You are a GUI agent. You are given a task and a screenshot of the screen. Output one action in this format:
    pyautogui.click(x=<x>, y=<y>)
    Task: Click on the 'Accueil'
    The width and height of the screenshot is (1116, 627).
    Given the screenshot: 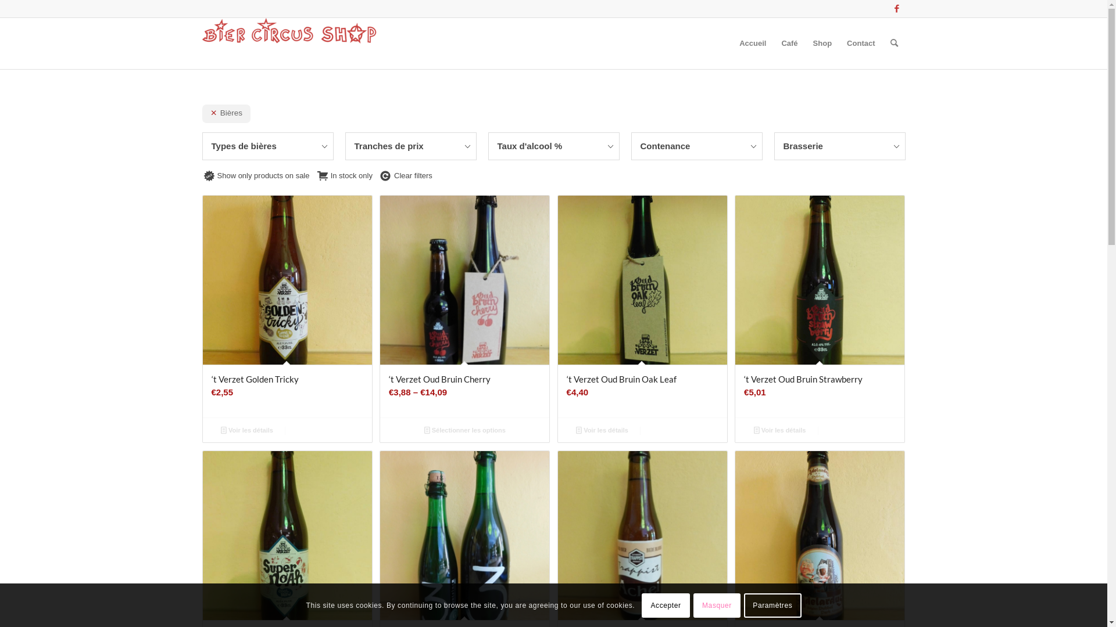 What is the action you would take?
    pyautogui.click(x=753, y=42)
    